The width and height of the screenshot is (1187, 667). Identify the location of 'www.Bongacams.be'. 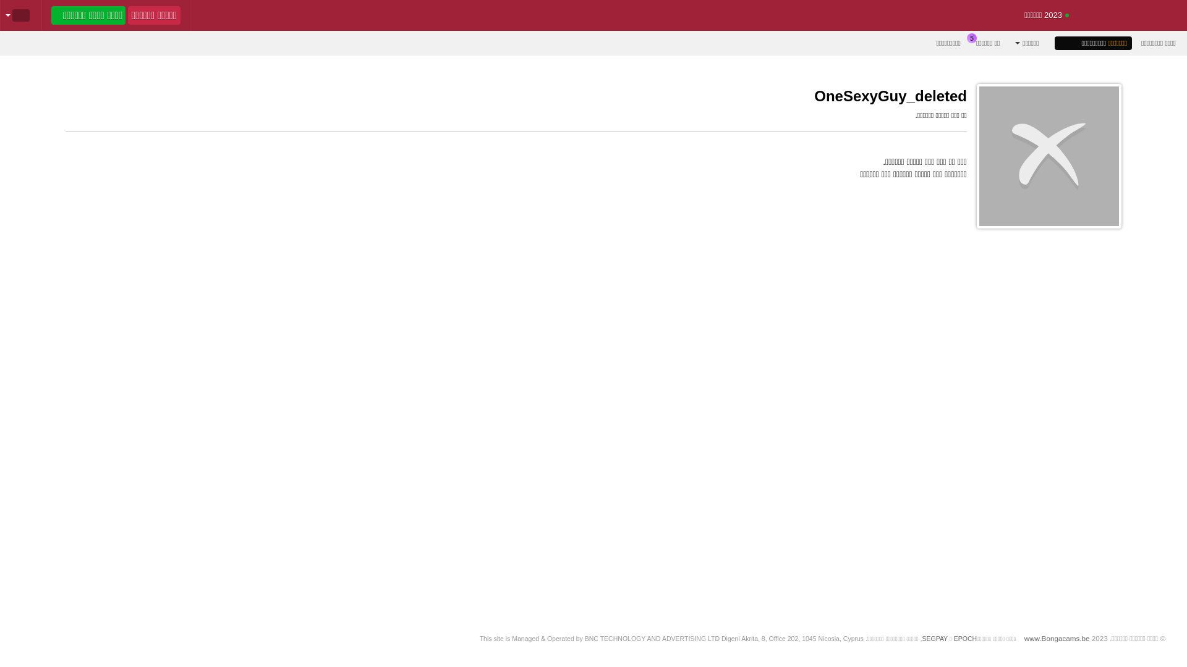
(1056, 638).